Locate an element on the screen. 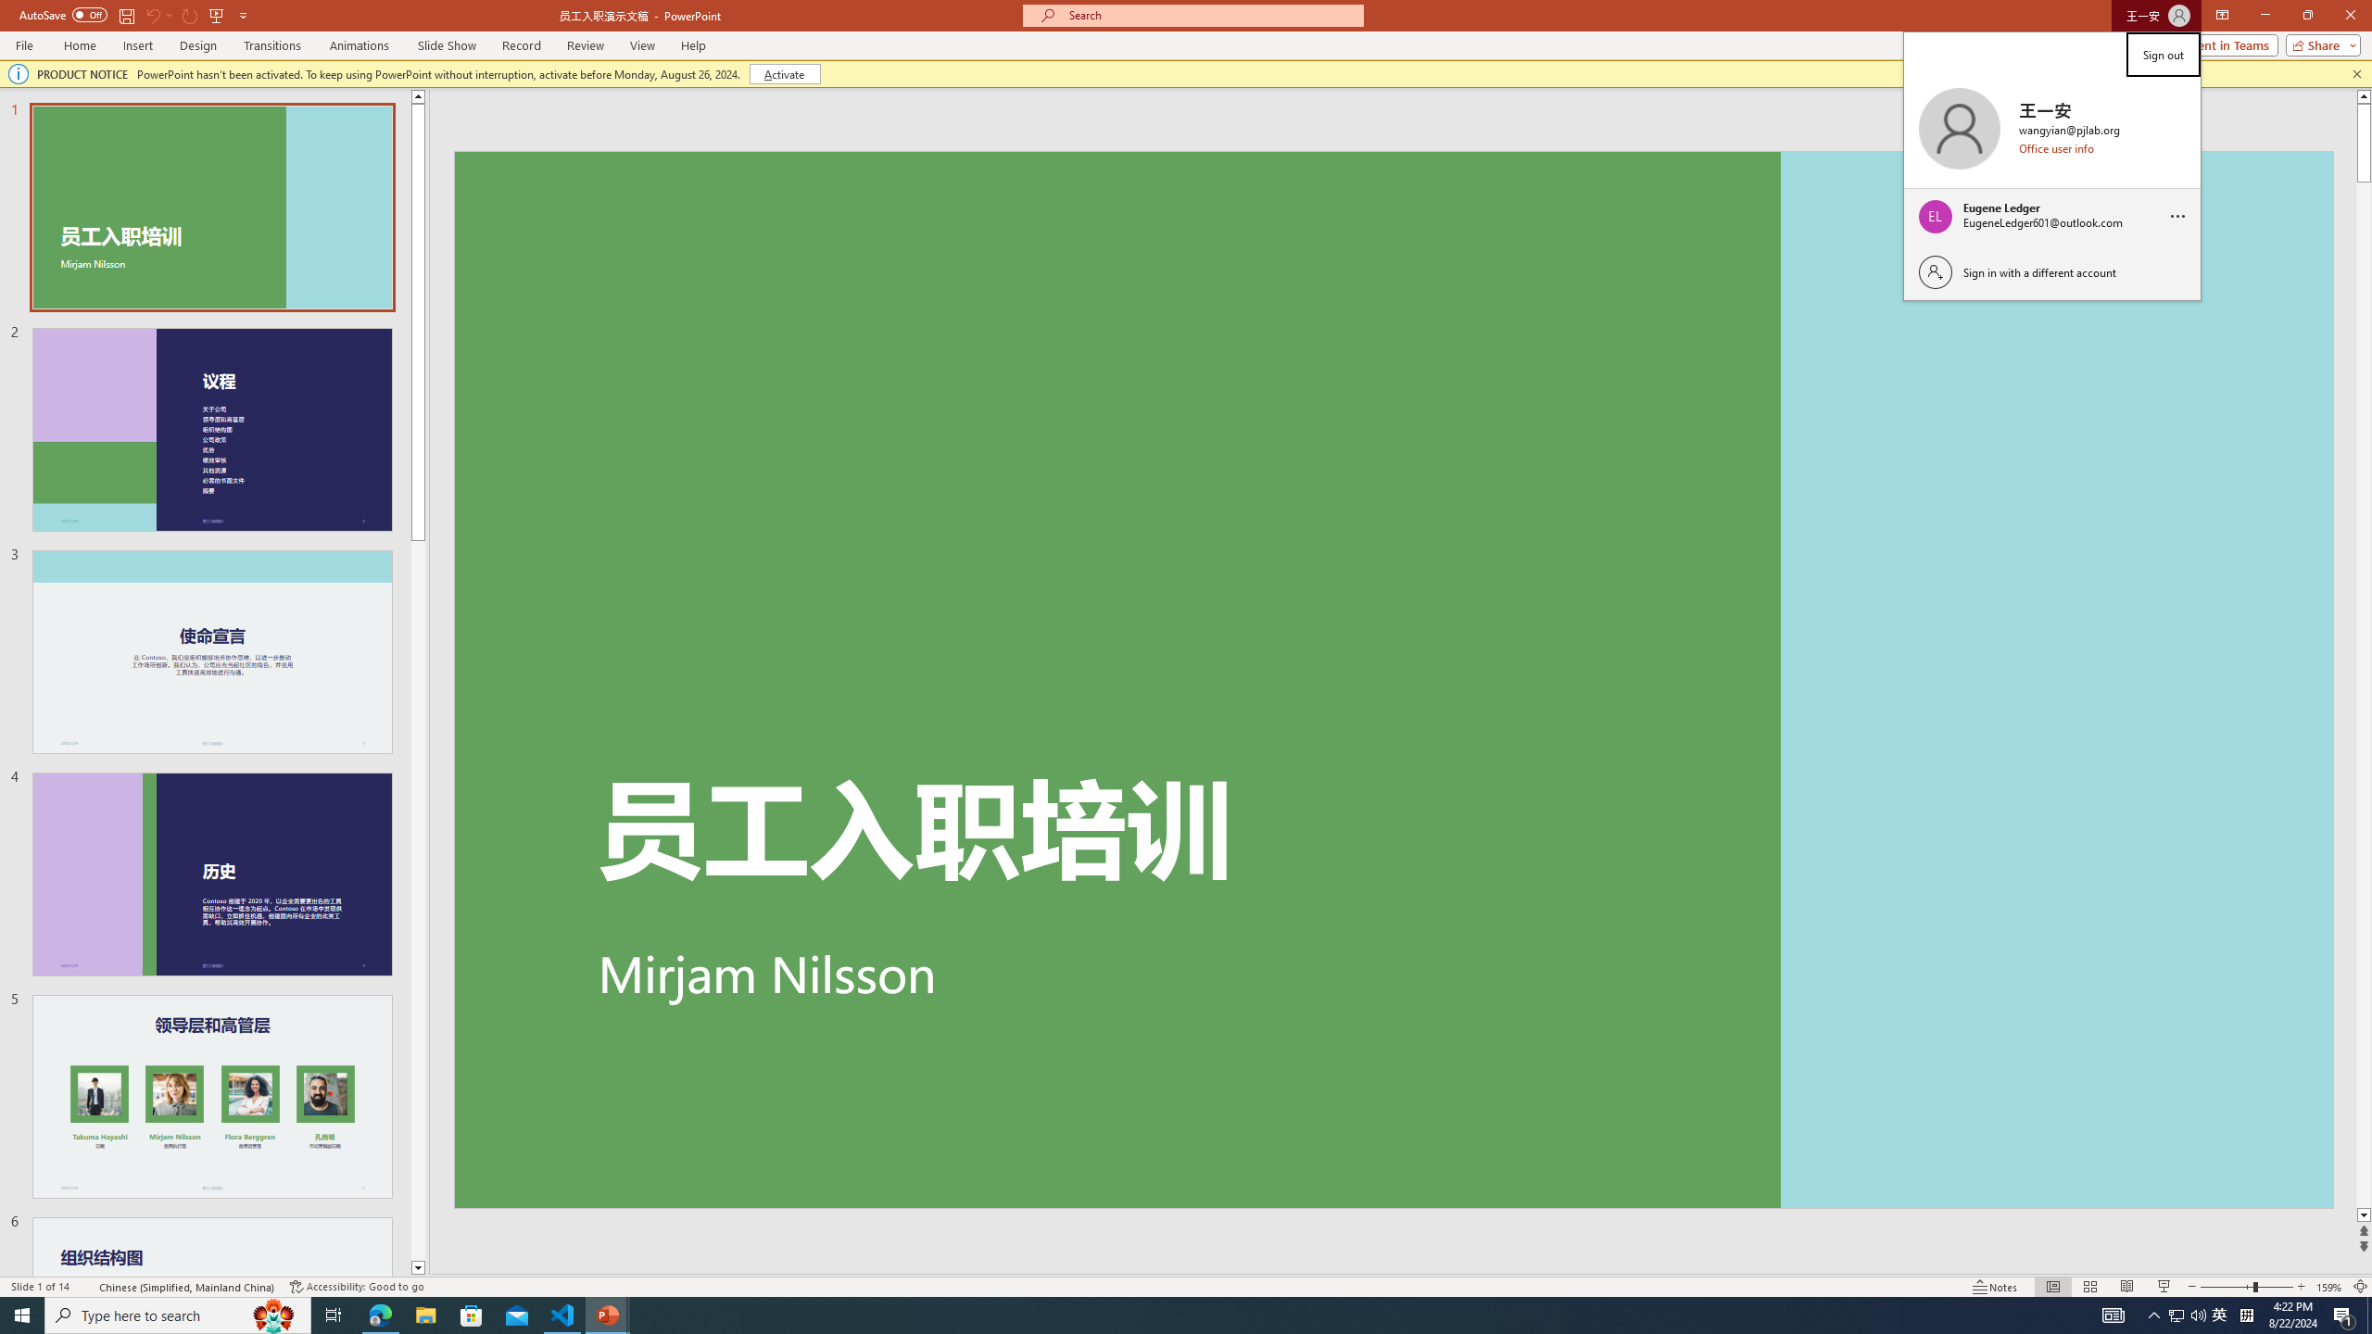  'Close this message' is located at coordinates (2356, 72).